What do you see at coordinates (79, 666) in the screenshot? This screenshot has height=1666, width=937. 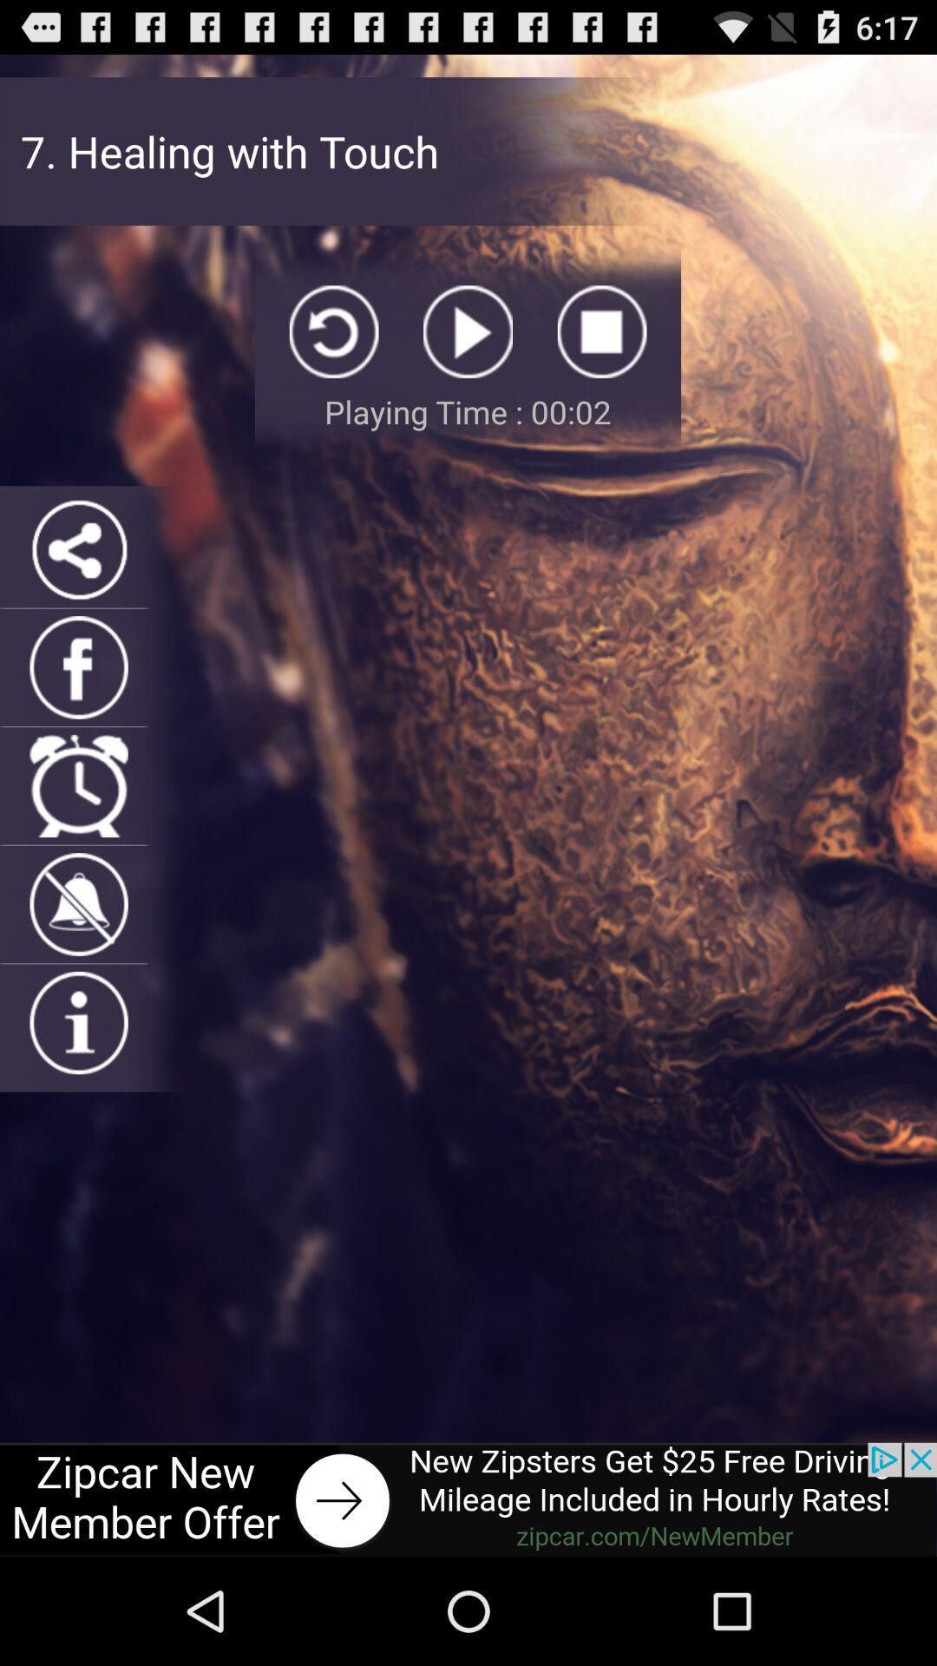 I see `open facebook app` at bounding box center [79, 666].